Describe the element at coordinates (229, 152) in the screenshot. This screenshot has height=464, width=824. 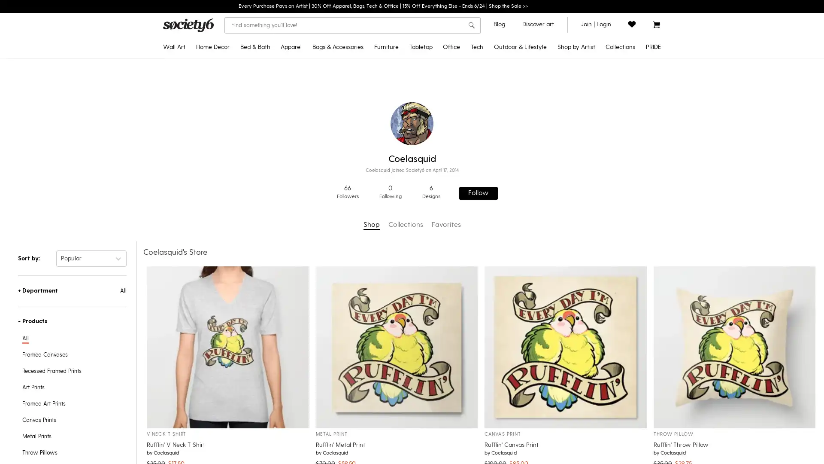
I see `Sheer Curtains` at that location.